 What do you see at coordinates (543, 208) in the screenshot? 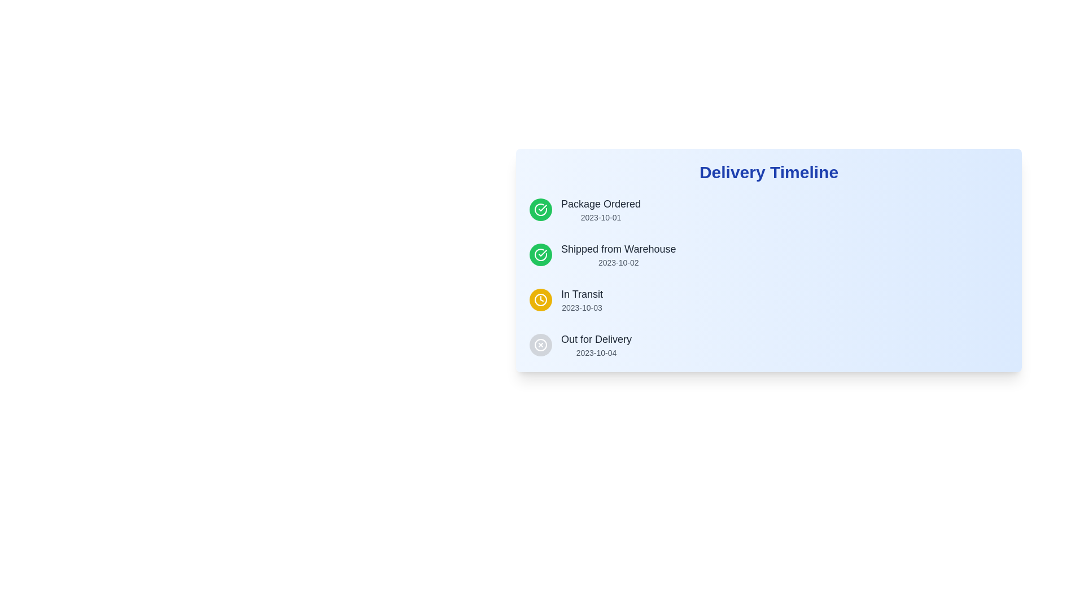
I see `the checkmark icon in the second timeline icon, which is adjacent to the 'Shipped from Warehouse' label` at bounding box center [543, 208].